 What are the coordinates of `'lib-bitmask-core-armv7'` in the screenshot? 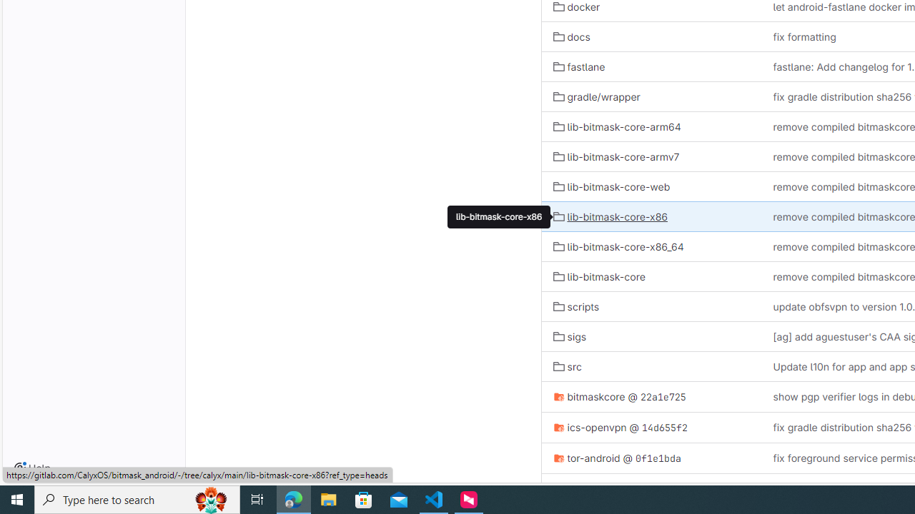 It's located at (616, 156).